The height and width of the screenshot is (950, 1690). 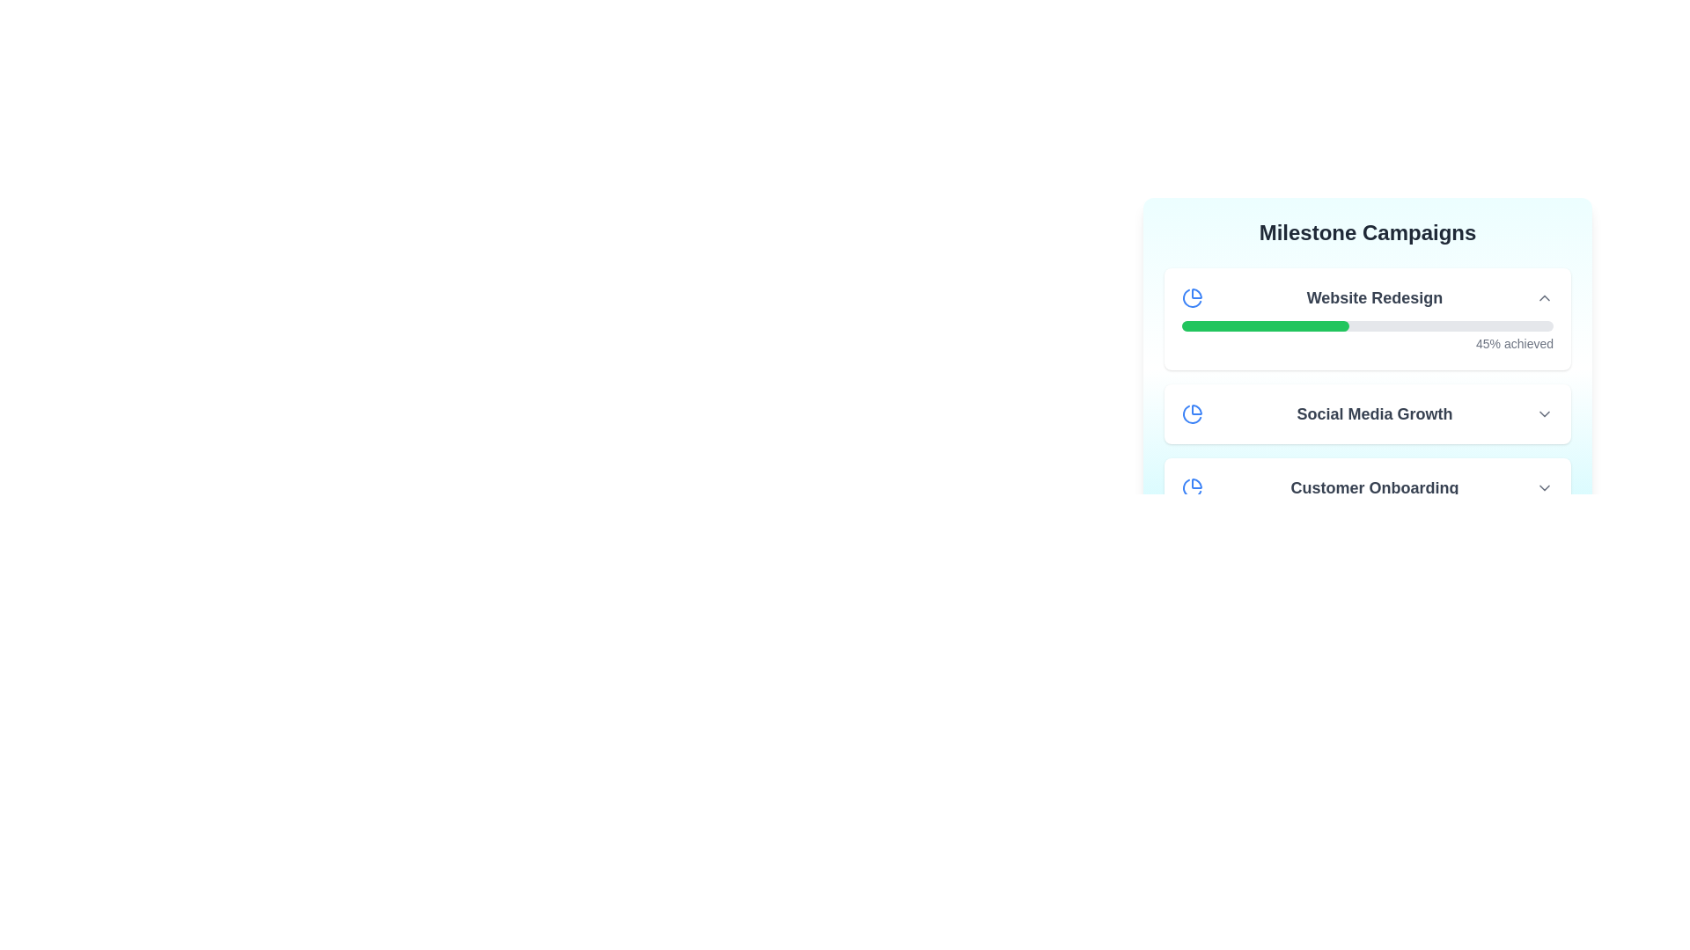 I want to click on the List item labeled 'Customer Onboarding' with an icon and interactive dropdown arrow, so click(x=1367, y=488).